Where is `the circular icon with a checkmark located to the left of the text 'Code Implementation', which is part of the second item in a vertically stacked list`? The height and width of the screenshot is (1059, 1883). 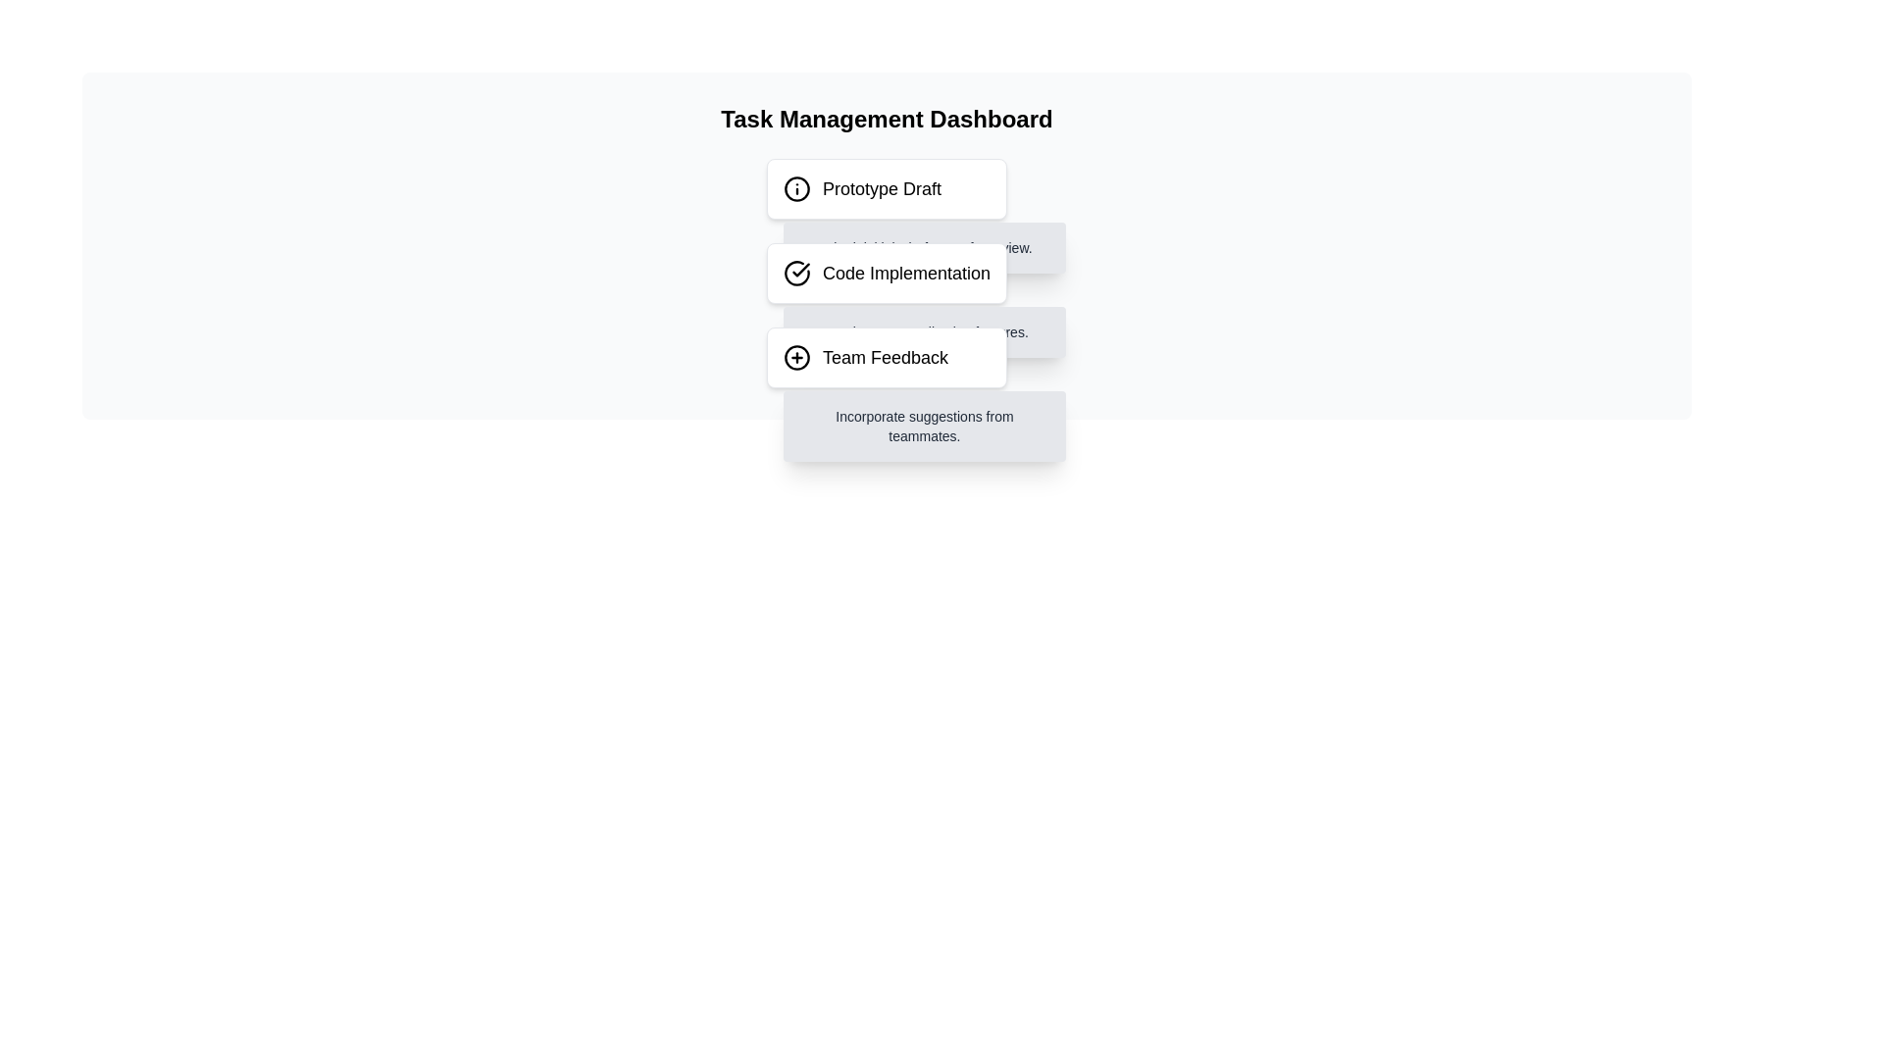 the circular icon with a checkmark located to the left of the text 'Code Implementation', which is part of the second item in a vertically stacked list is located at coordinates (796, 273).